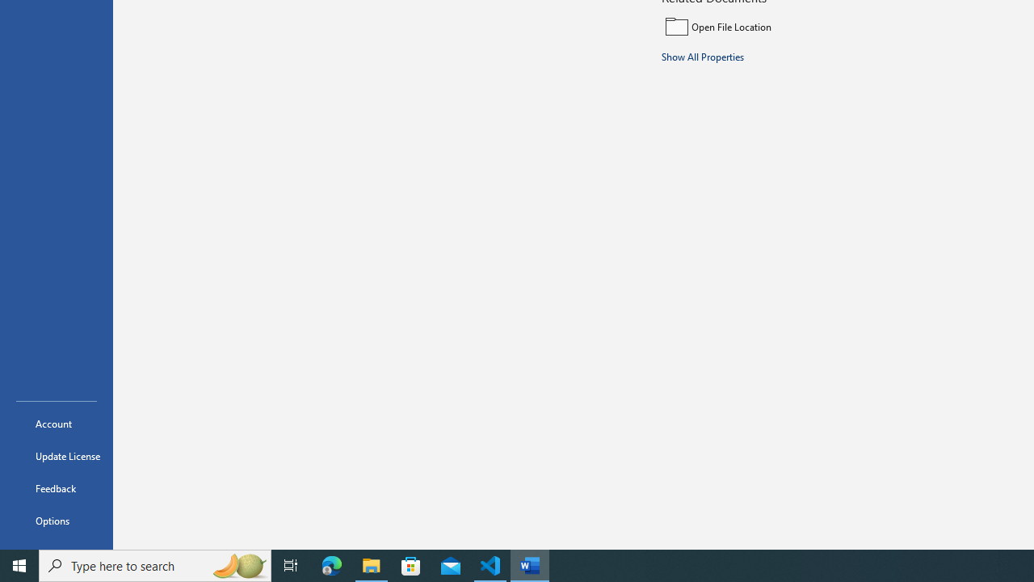  I want to click on 'Account', so click(56, 423).